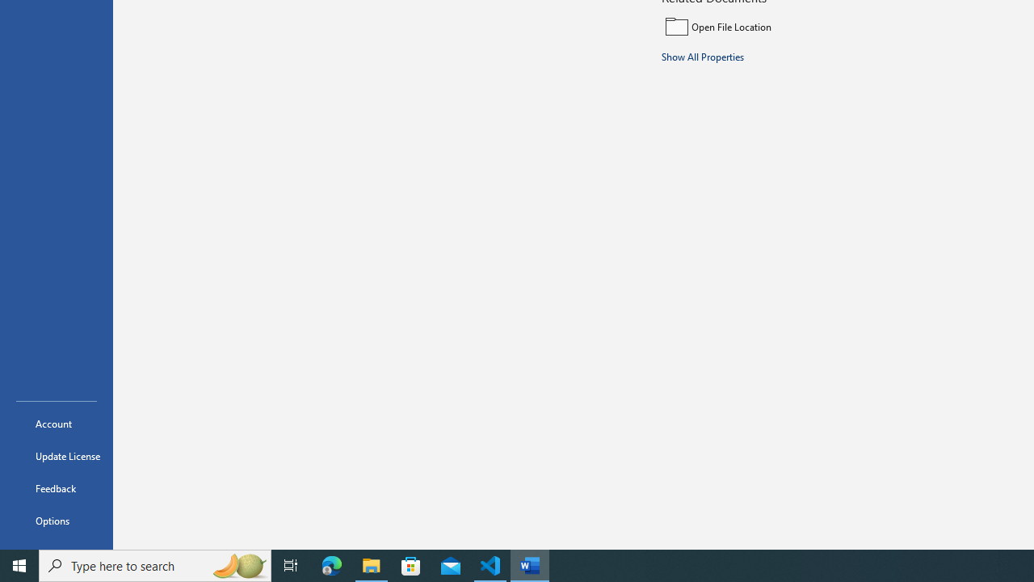  I want to click on 'Account', so click(56, 423).